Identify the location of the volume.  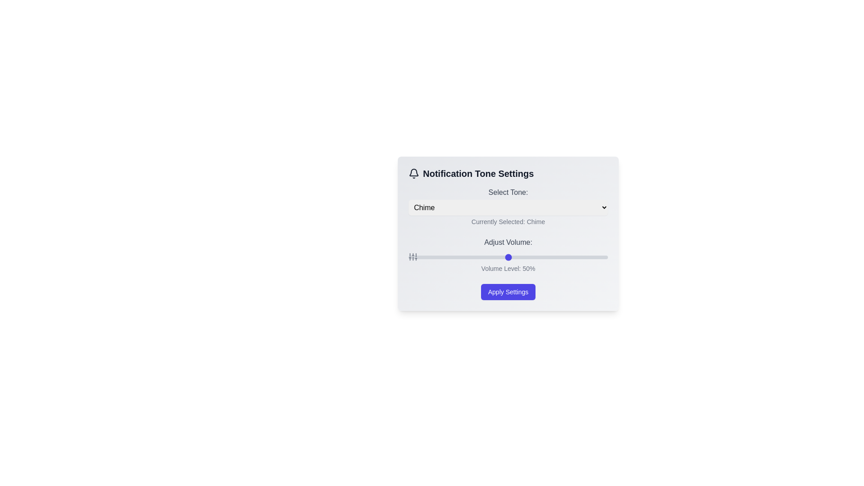
(470, 257).